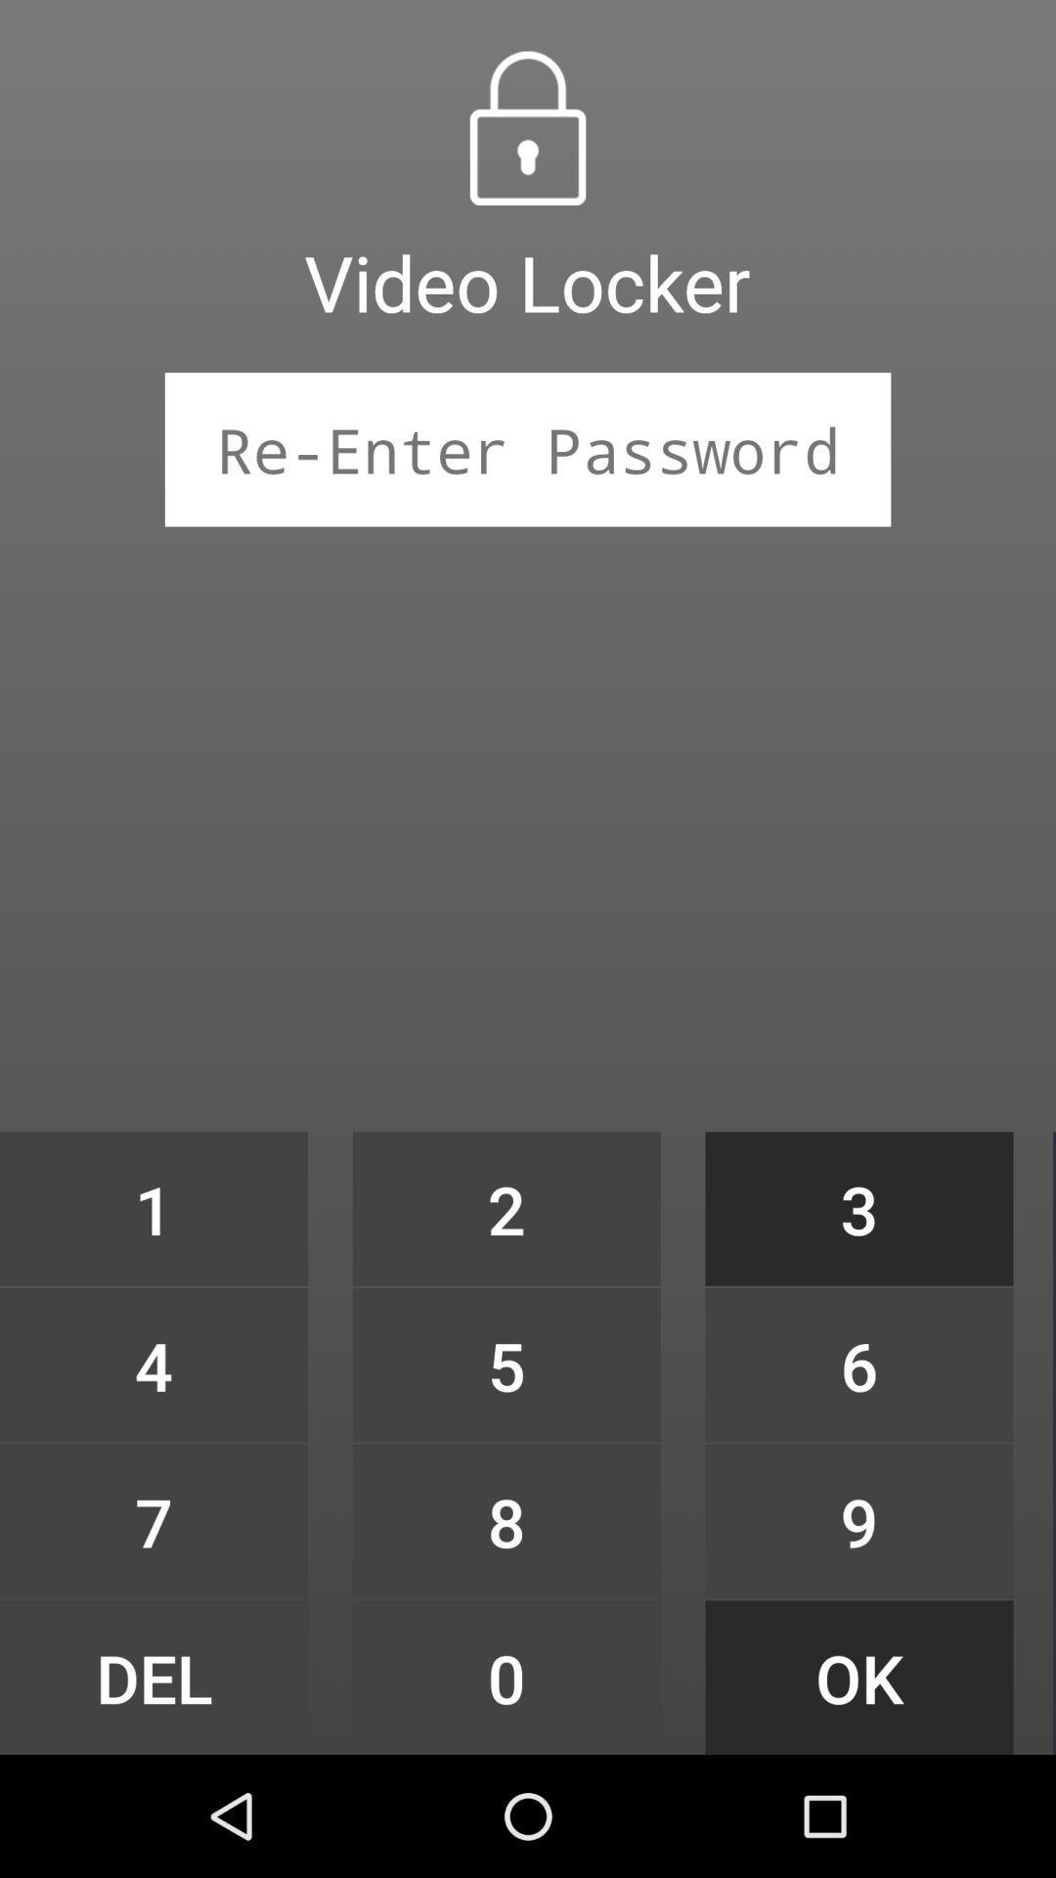  I want to click on 0 item, so click(506, 1677).